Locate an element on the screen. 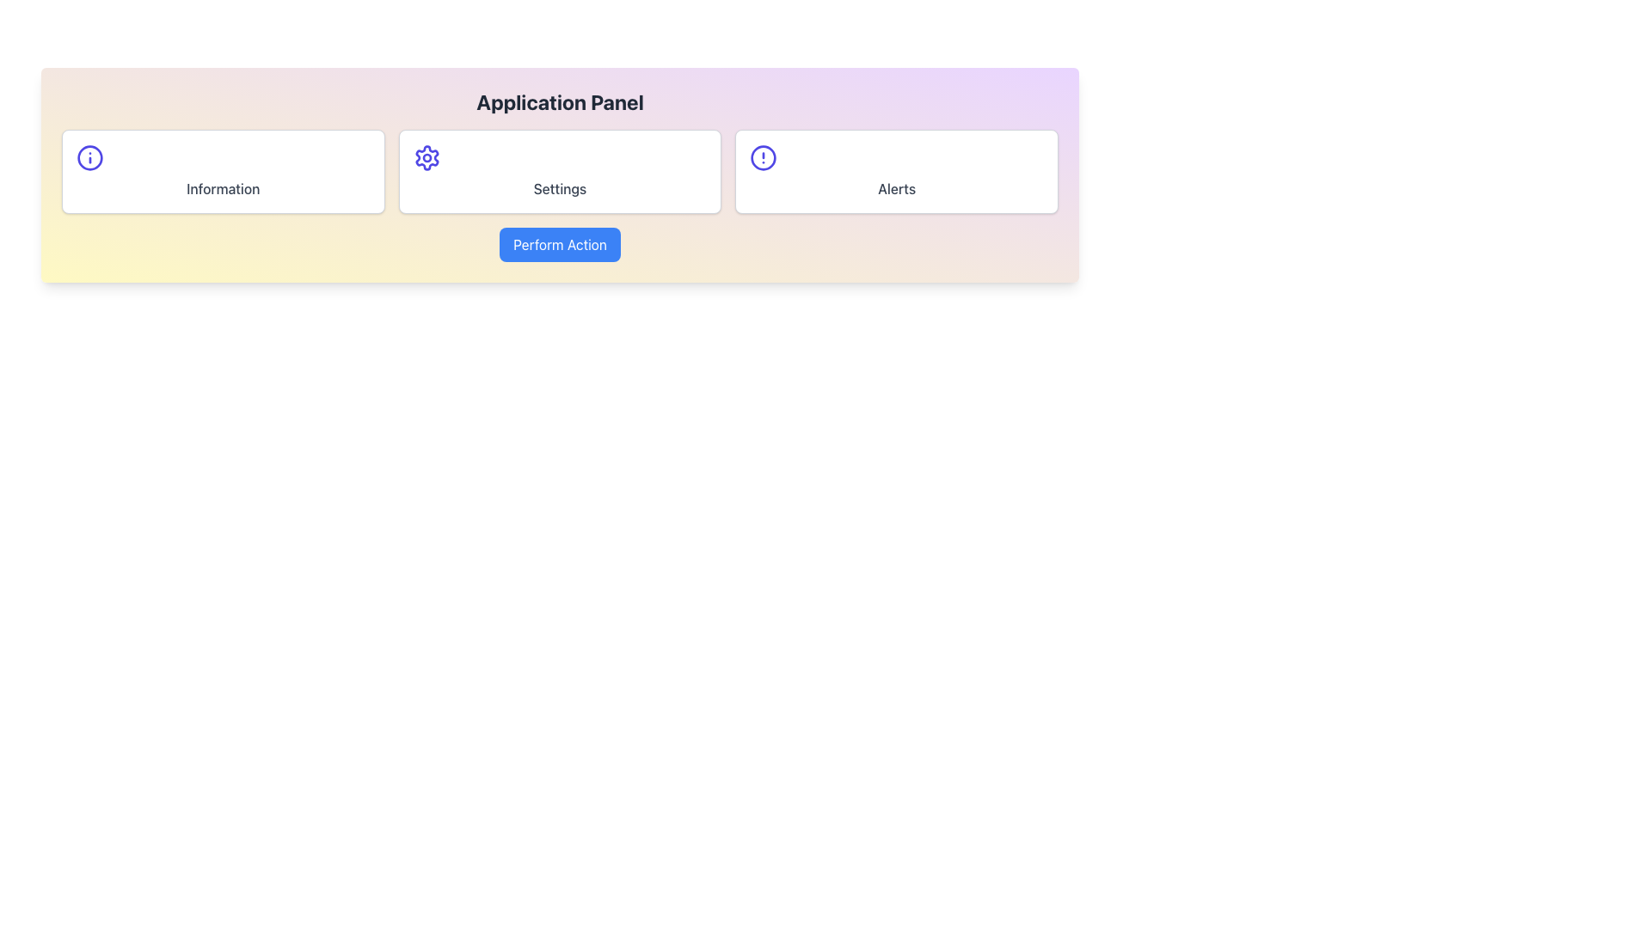  on the gear icon located in the middle card titled 'Settings' in the application panel is located at coordinates (427, 158).